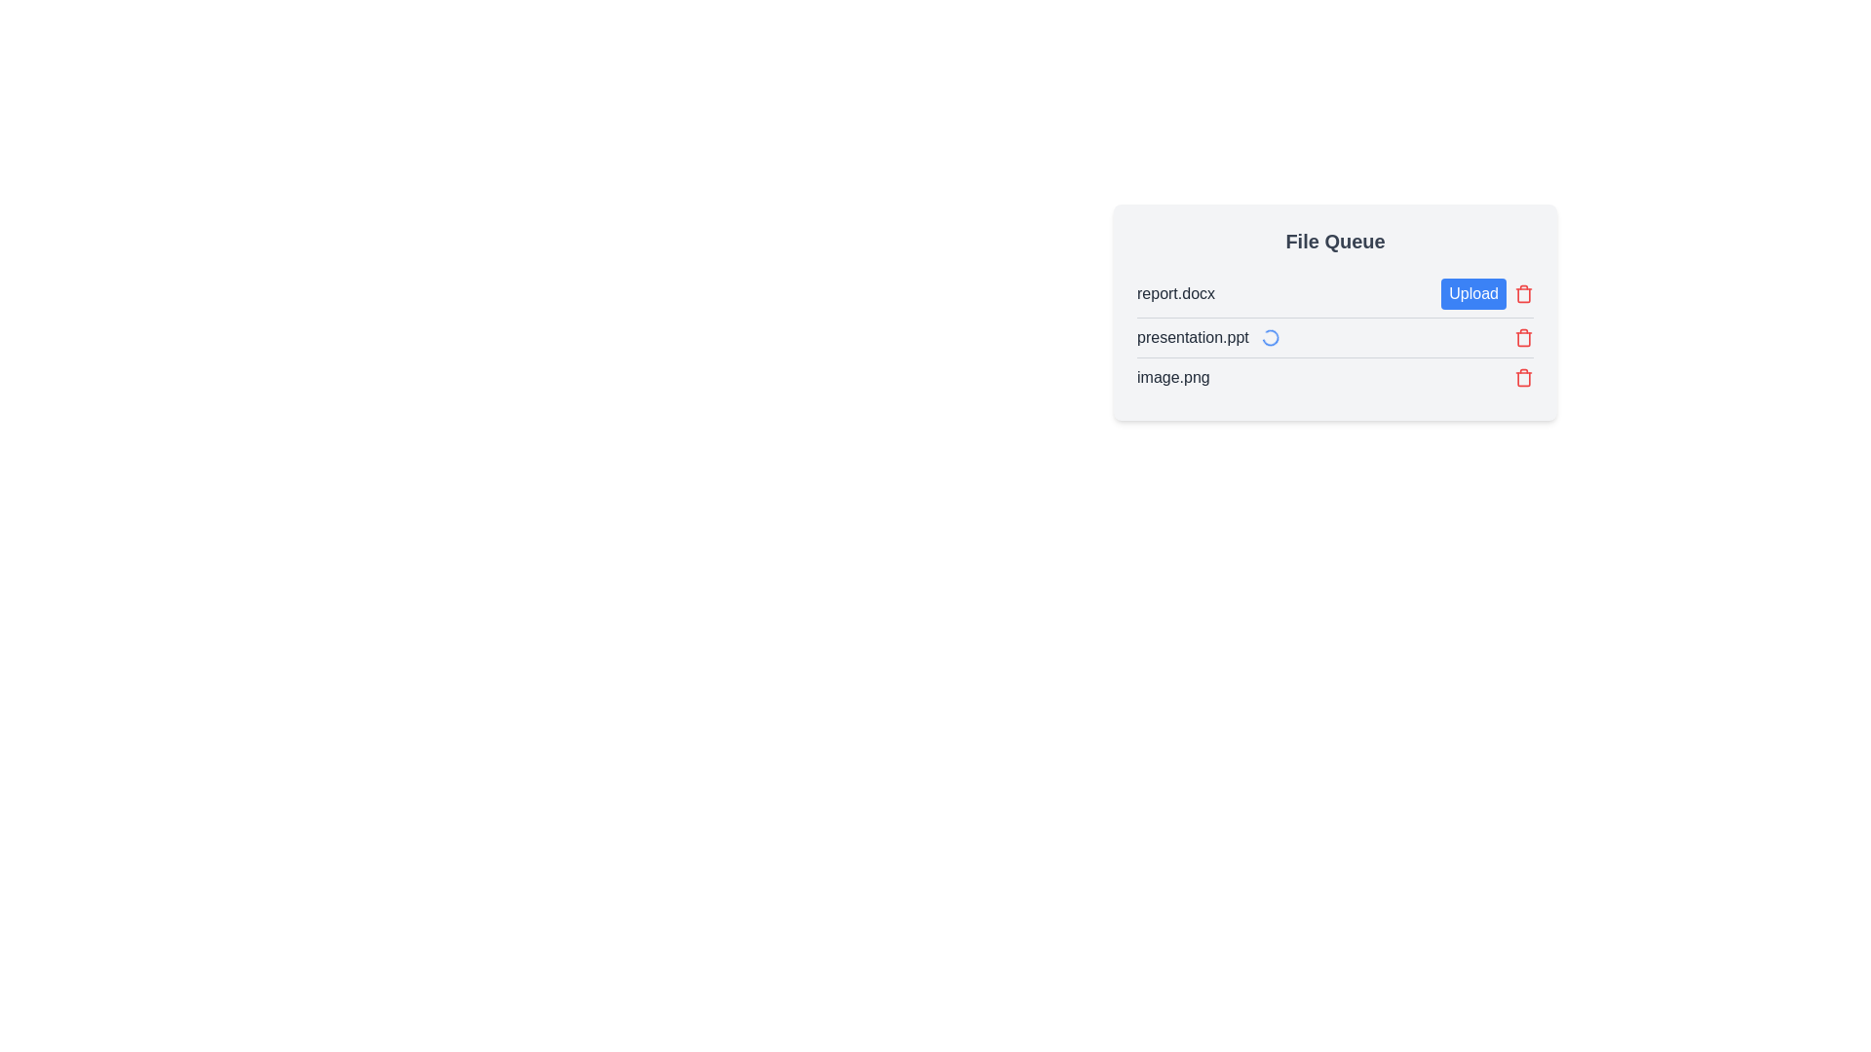 The image size is (1871, 1052). I want to click on the deletion button located at the end of the 'File Queue' list, so click(1523, 378).